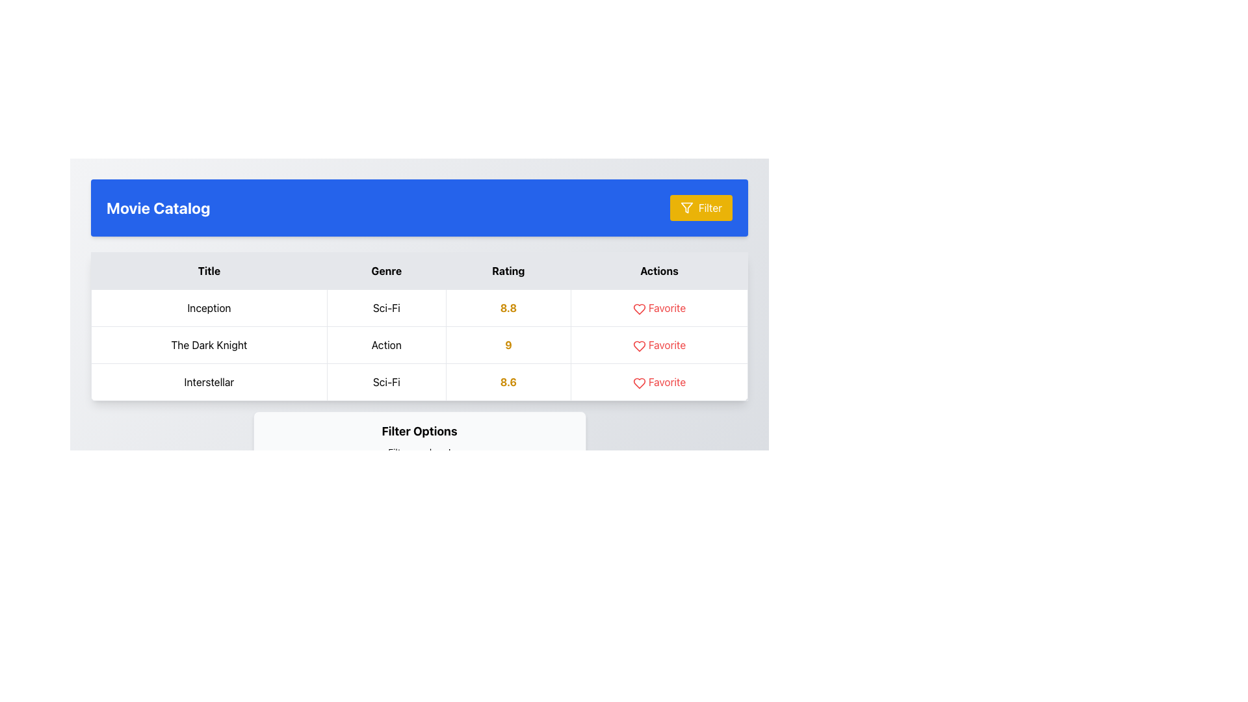  What do you see at coordinates (639, 382) in the screenshot?
I see `the heart icon in the 'Actions' column of the third row next to 'Favorite' for 'Interstellar'` at bounding box center [639, 382].